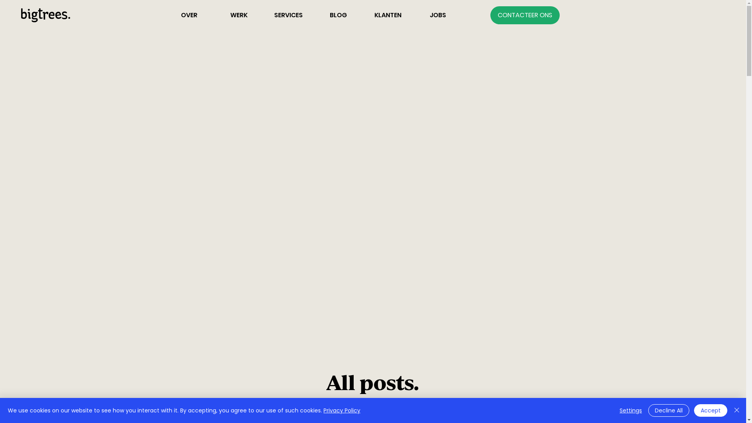 Image resolution: width=752 pixels, height=423 pixels. I want to click on 'SERVICES', so click(263, 15).